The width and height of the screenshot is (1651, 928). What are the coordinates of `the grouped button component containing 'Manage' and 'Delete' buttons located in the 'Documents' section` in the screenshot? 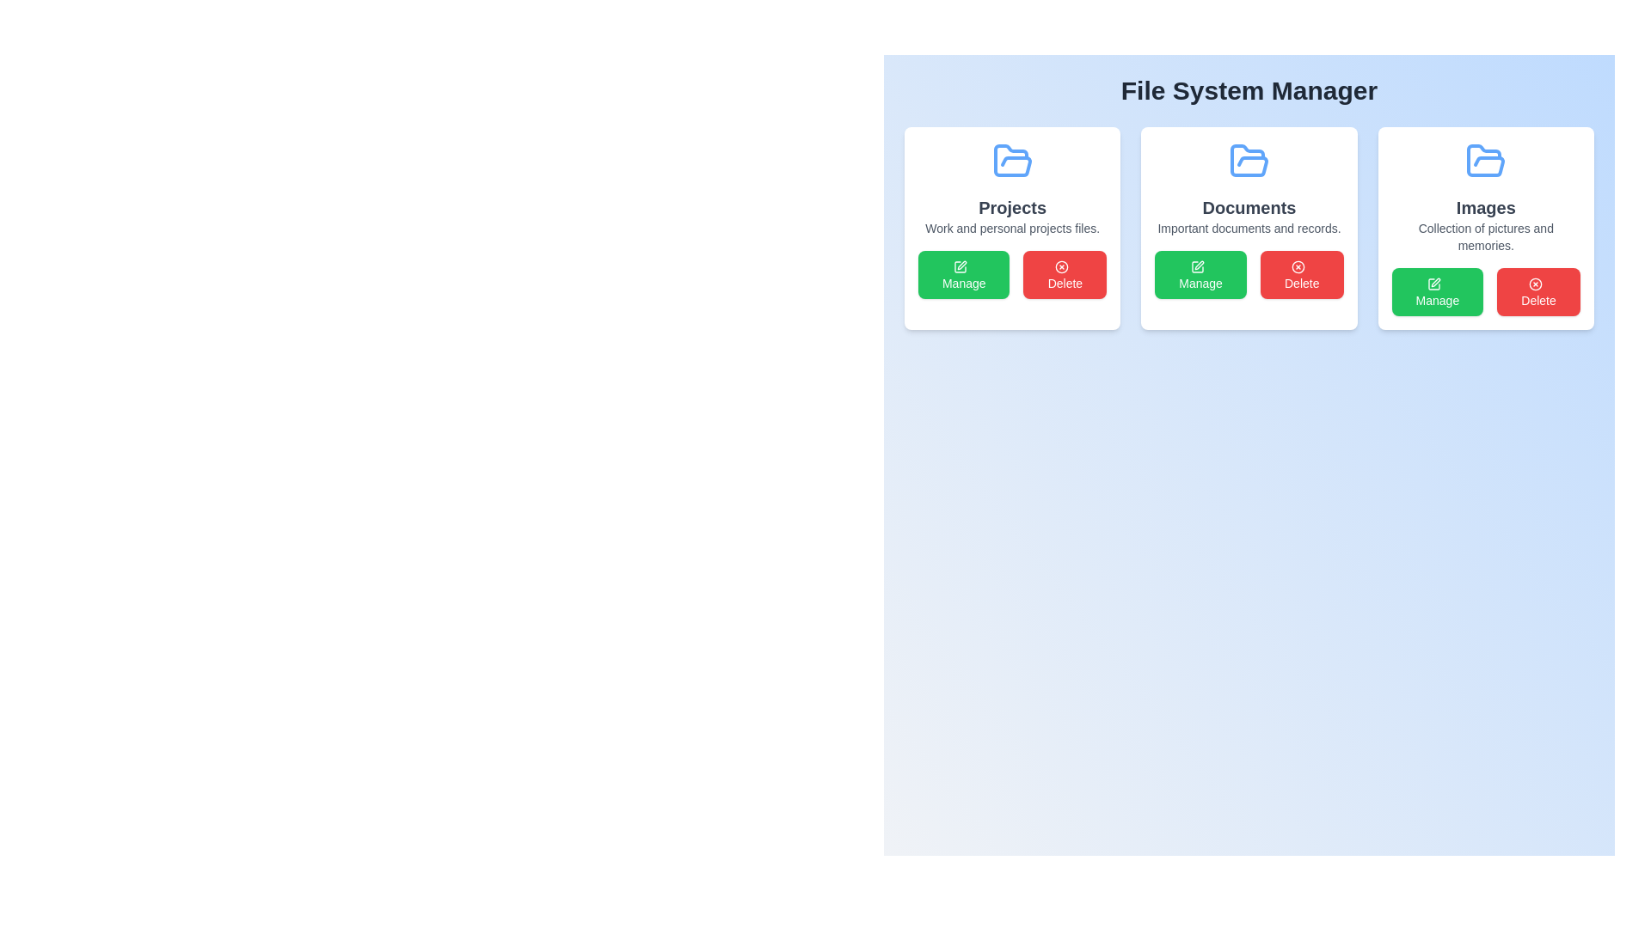 It's located at (1249, 274).